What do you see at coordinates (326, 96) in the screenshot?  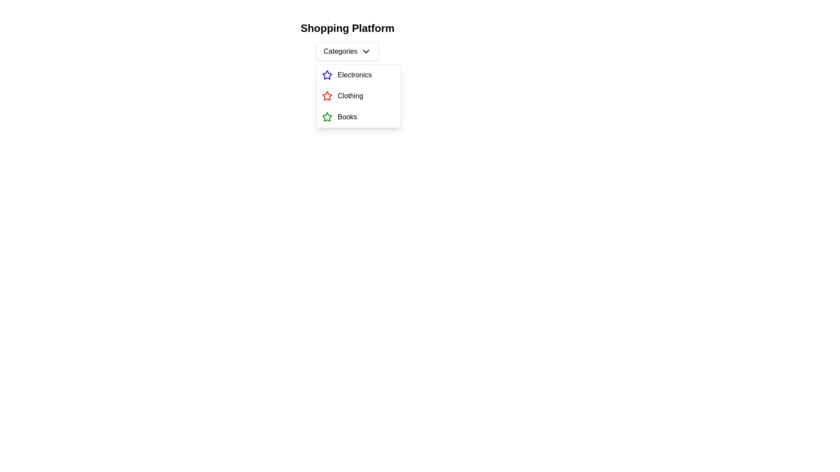 I see `the outlined star icon drawn with red lines, which is located to the left of the 'Clothing' text in the menu item` at bounding box center [326, 96].